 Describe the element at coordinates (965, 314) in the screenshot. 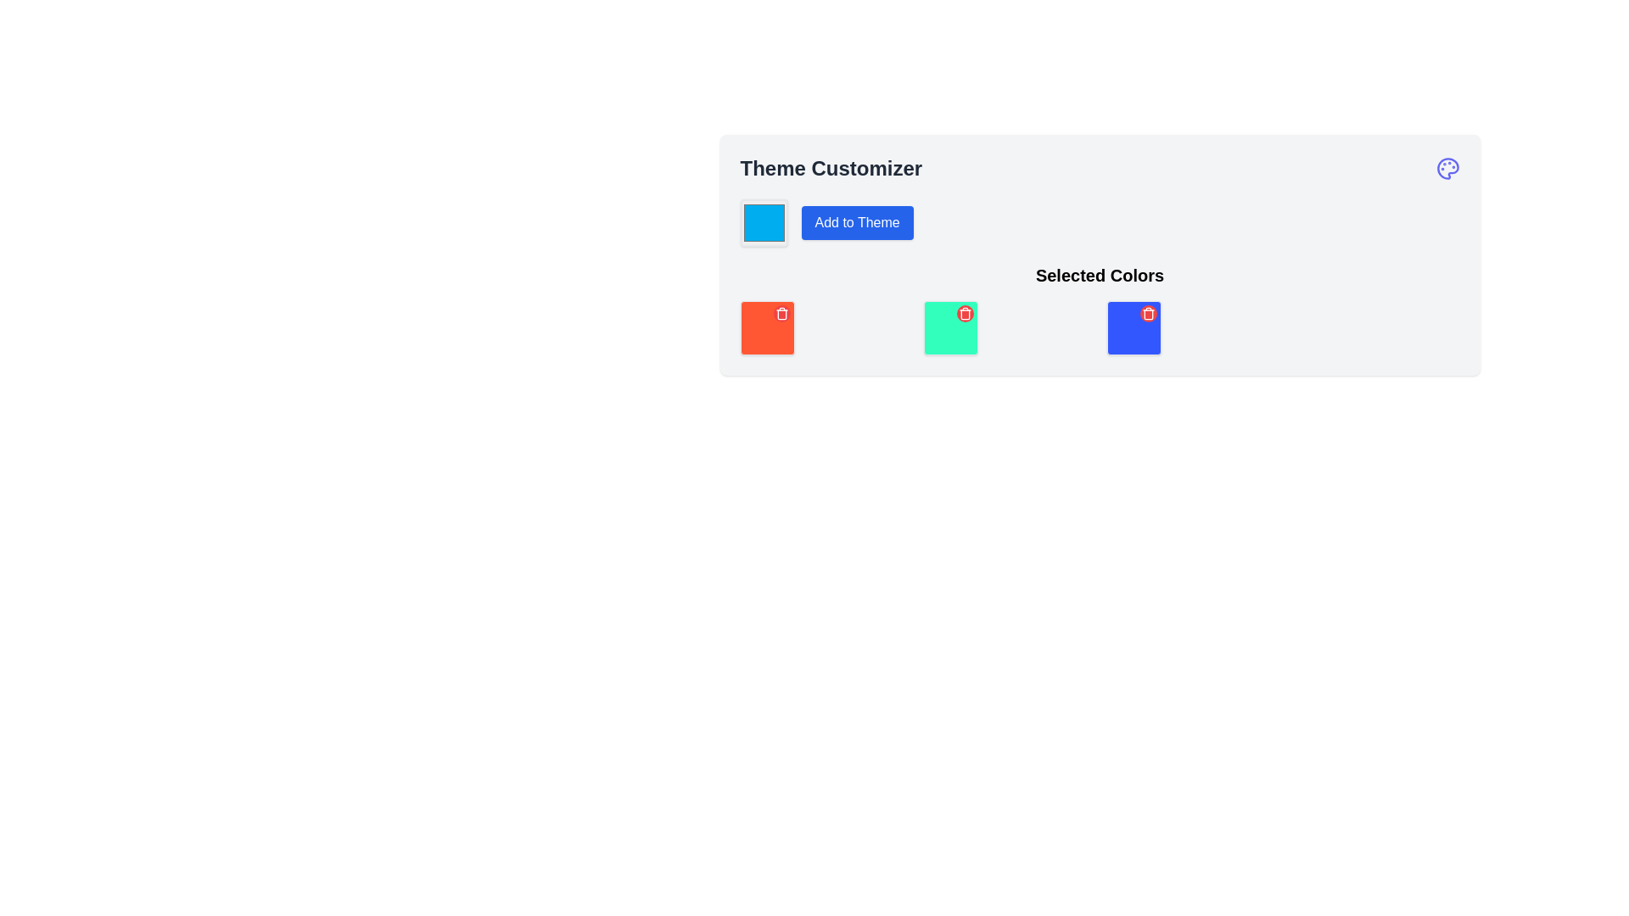

I see `the trash can icon located in the top-right corner of the green square item in the 'Selected Colors' section` at that location.